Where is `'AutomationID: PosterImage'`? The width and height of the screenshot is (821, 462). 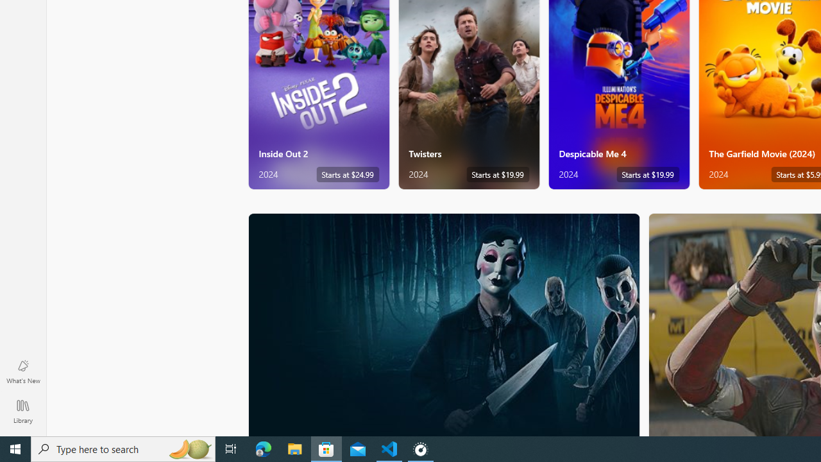 'AutomationID: PosterImage' is located at coordinates (443, 324).